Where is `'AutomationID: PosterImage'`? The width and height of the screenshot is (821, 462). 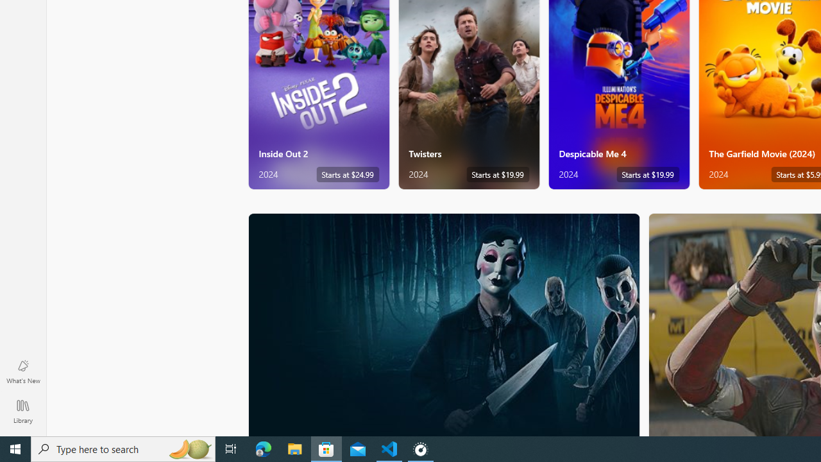 'AutomationID: PosterImage' is located at coordinates (443, 324).